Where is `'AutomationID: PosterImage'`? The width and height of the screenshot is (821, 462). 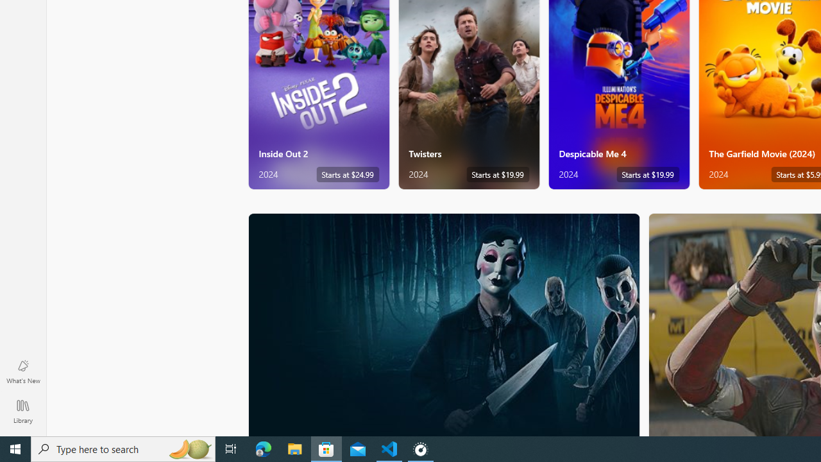 'AutomationID: PosterImage' is located at coordinates (443, 324).